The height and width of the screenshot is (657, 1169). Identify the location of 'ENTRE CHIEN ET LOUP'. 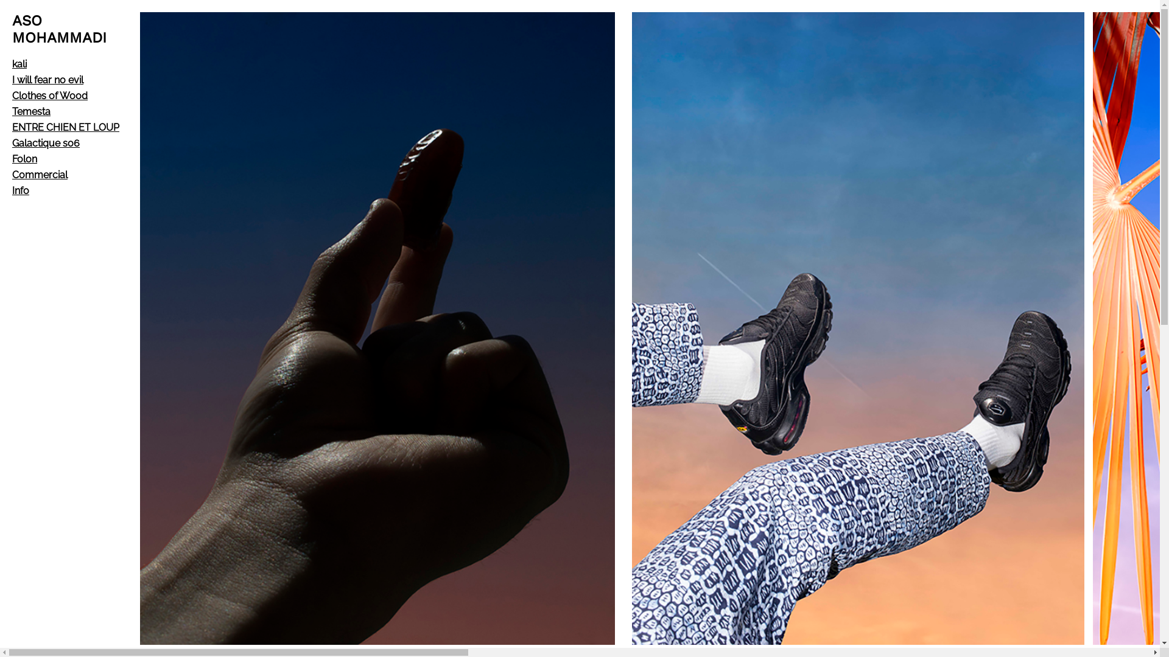
(12, 127).